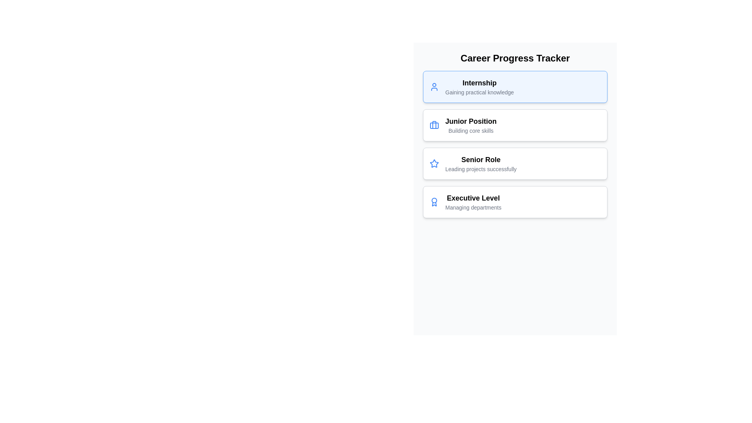  I want to click on descriptive text 'Gaining practical knowledge' in the blue card labeled 'Internship', which is the first card in the list of career progression steps, so click(479, 87).